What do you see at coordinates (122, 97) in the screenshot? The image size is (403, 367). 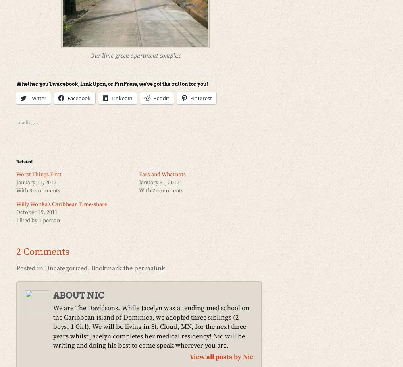 I see `'LinkedIn'` at bounding box center [122, 97].